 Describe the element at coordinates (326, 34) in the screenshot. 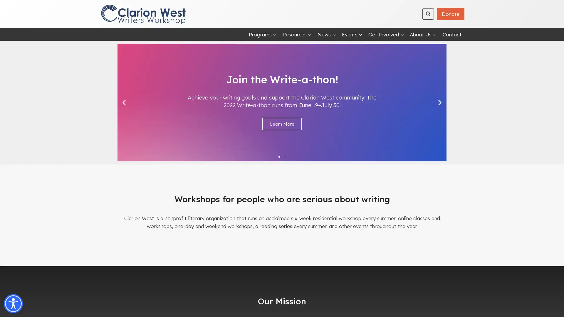

I see `Expand child menu` at that location.